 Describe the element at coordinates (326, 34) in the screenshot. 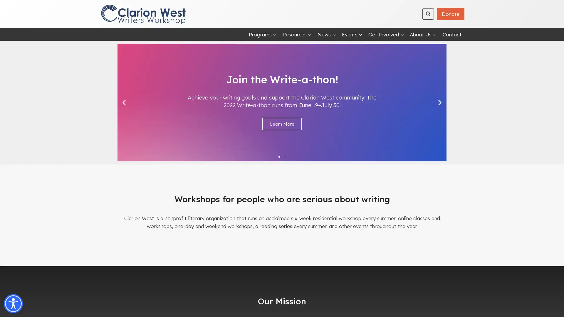

I see `Expand child menu` at that location.